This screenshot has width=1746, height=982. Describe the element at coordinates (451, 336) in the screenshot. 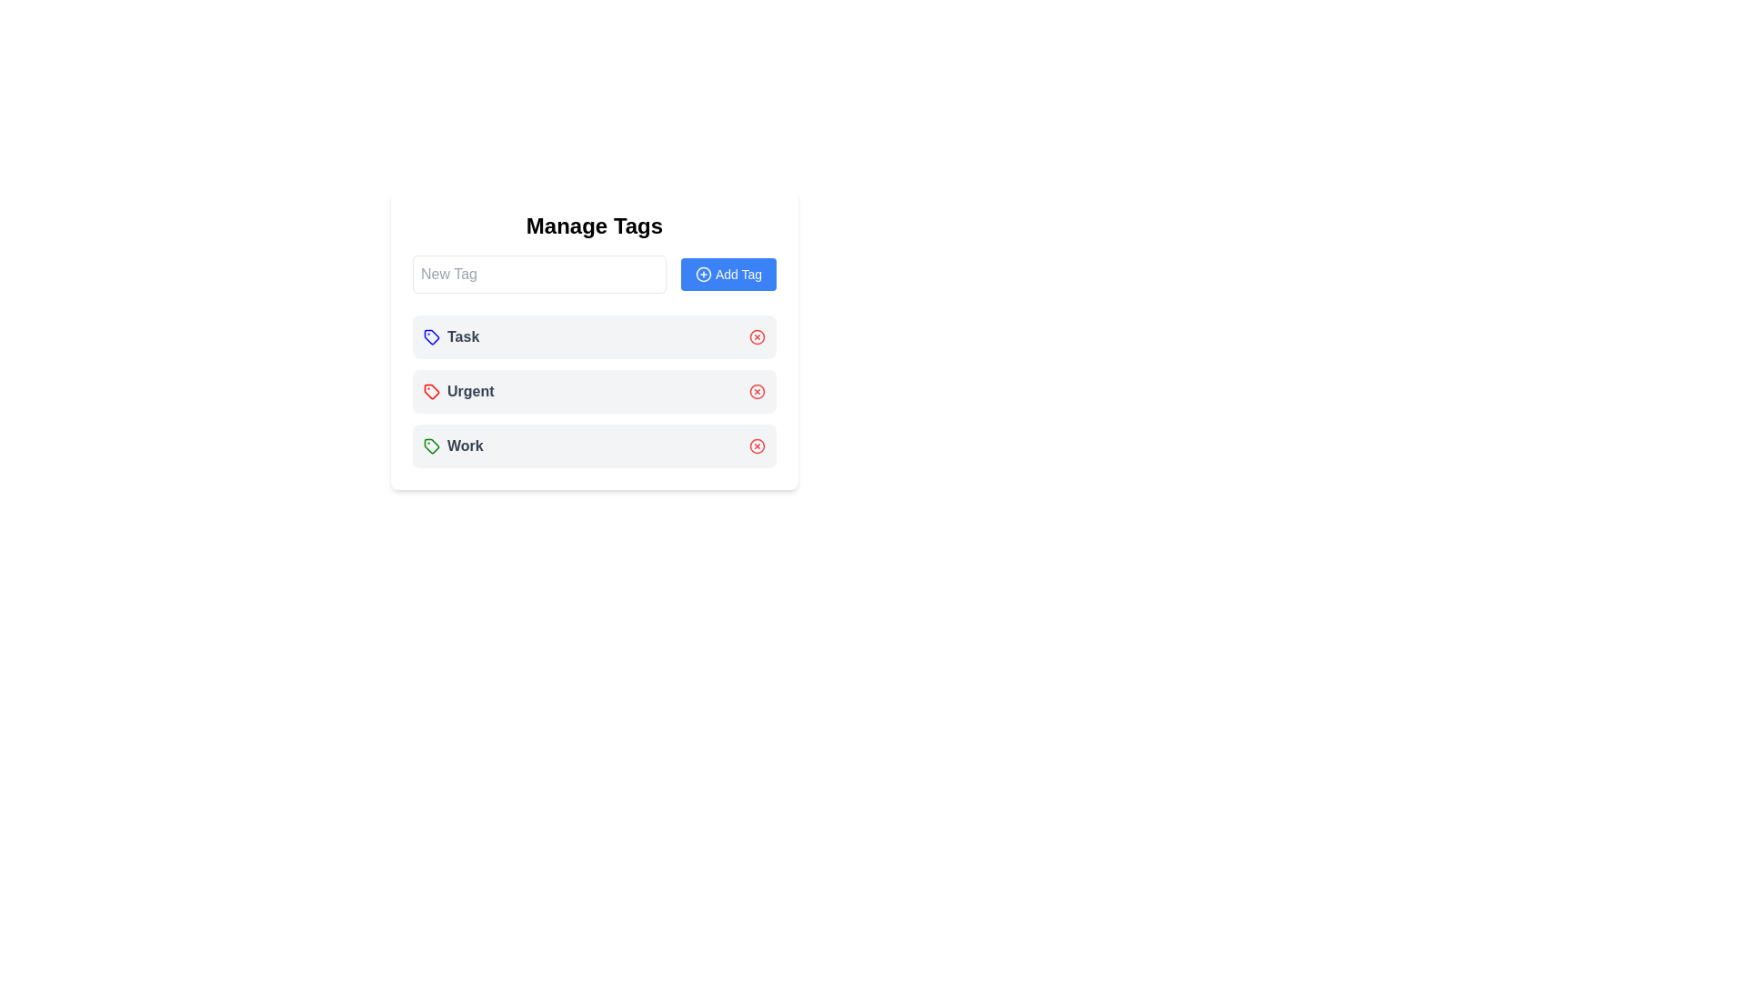

I see `the 'Task' label with icon, which is the first item in a vertically stacked list within a rounded, light-gray panel, to access associated actions` at that location.